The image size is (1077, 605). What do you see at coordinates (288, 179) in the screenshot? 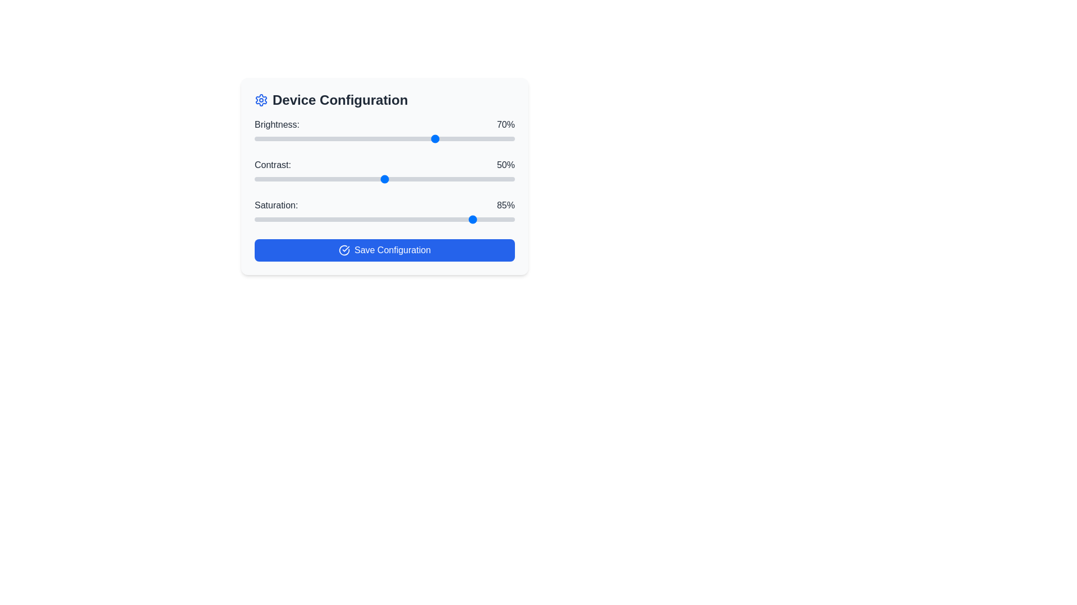
I see `the contrast` at bounding box center [288, 179].